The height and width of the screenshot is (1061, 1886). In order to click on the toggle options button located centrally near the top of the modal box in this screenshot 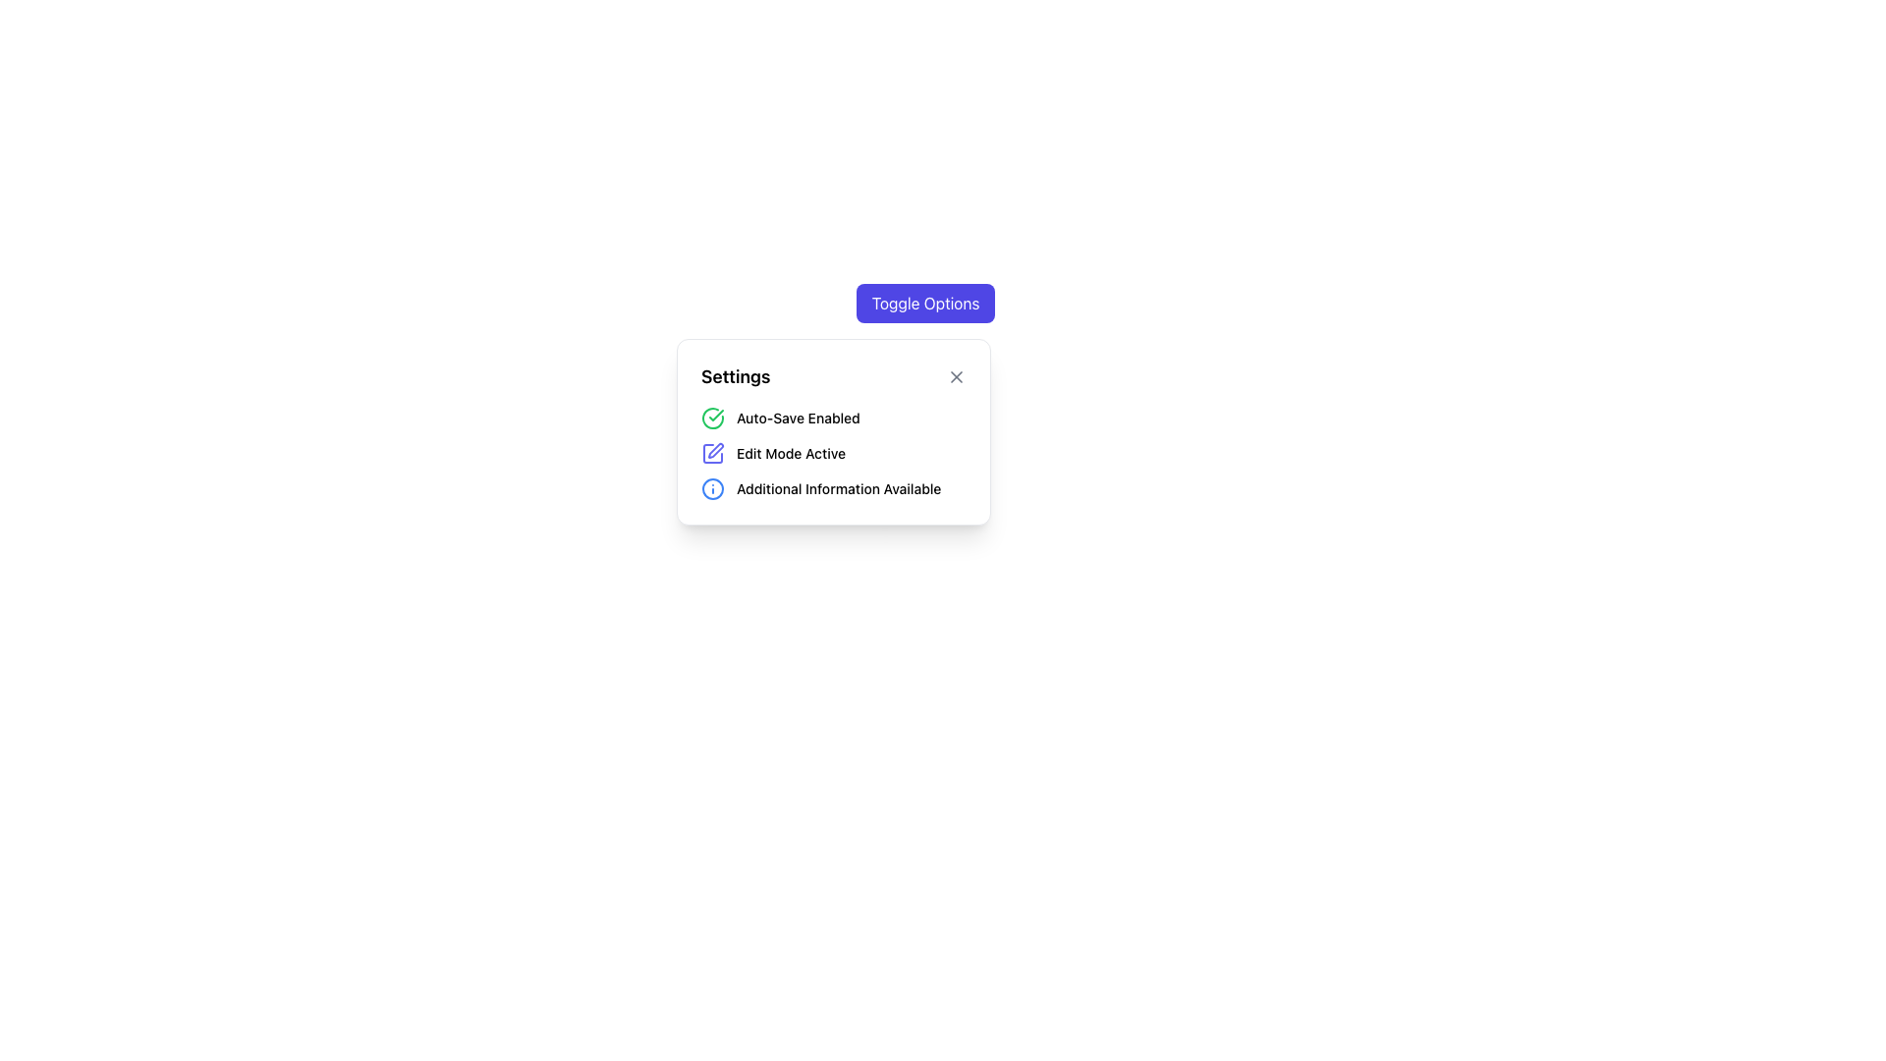, I will do `click(924, 303)`.